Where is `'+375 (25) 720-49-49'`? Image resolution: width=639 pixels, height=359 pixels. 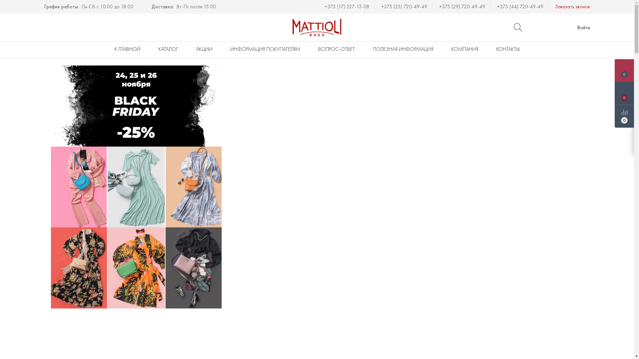 '+375 (25) 720-49-49' is located at coordinates (380, 7).